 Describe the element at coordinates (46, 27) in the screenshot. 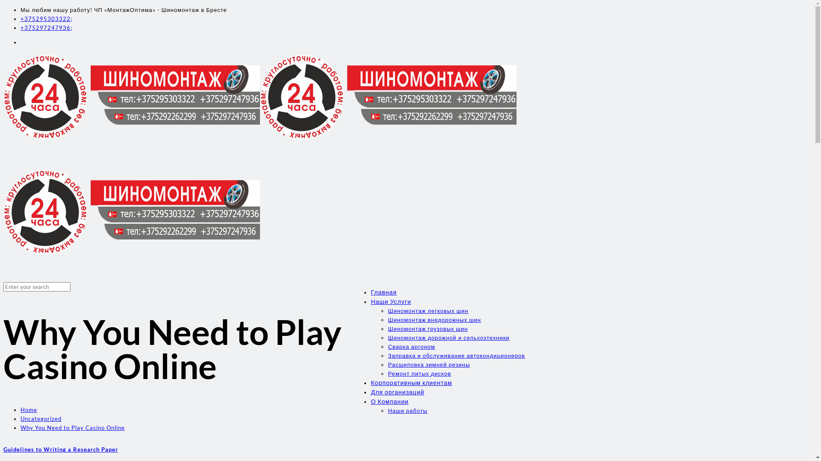

I see `'+375297247936;'` at that location.